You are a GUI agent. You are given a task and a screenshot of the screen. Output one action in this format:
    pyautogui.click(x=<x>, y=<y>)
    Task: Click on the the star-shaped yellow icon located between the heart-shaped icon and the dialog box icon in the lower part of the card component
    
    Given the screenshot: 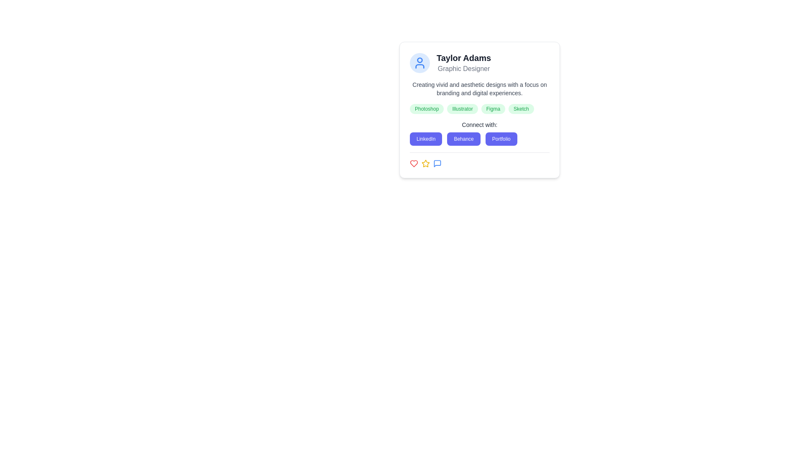 What is the action you would take?
    pyautogui.click(x=425, y=164)
    